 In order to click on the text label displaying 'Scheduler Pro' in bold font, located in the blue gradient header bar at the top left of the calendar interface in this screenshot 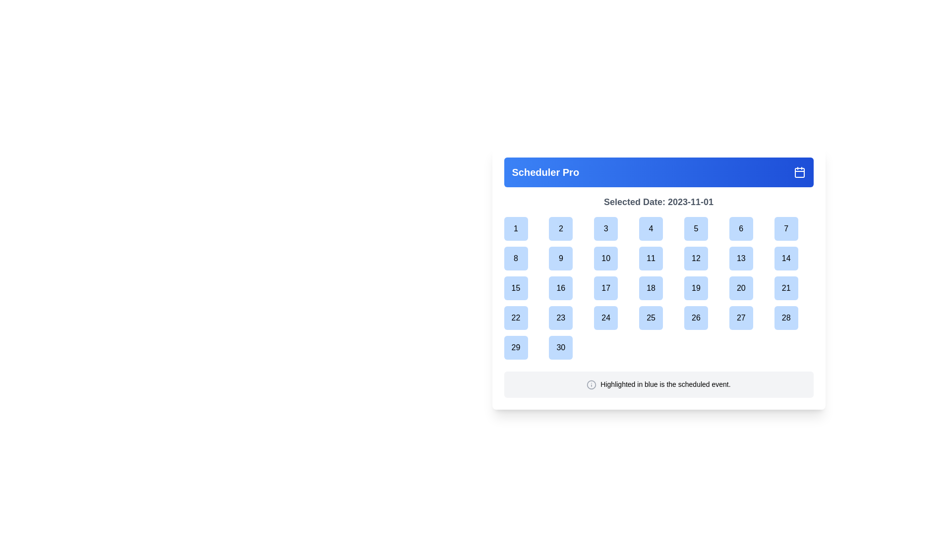, I will do `click(545, 171)`.